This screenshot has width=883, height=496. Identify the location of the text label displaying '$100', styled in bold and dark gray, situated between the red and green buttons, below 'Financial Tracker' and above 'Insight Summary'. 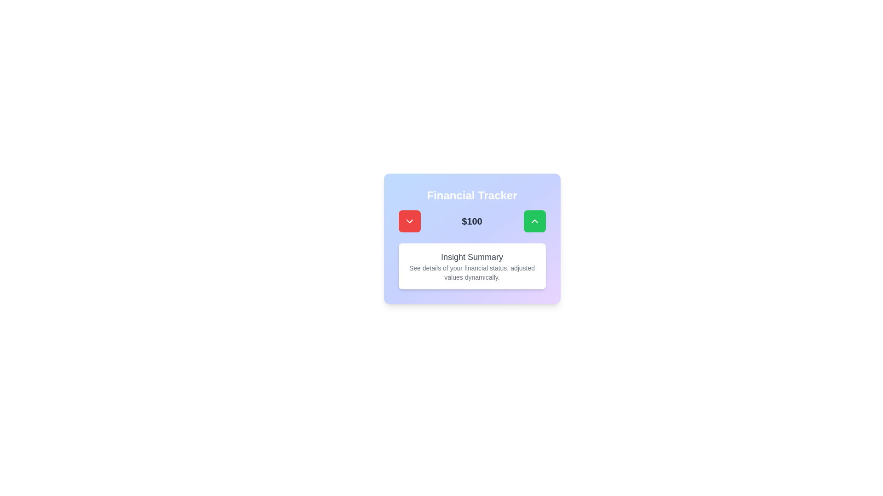
(472, 221).